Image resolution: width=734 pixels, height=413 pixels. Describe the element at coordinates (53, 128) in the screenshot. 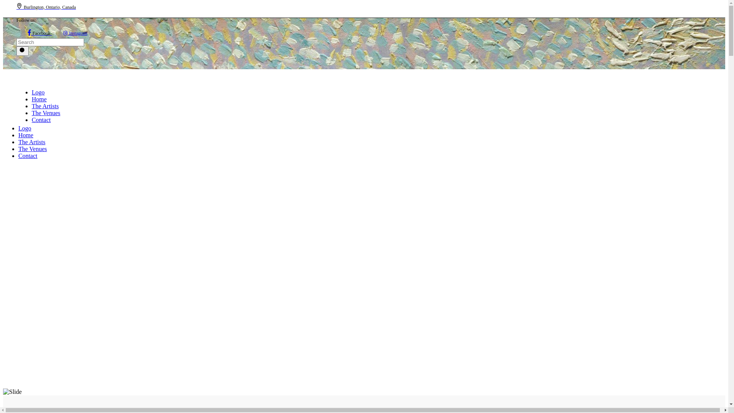

I see `'Logo'` at that location.